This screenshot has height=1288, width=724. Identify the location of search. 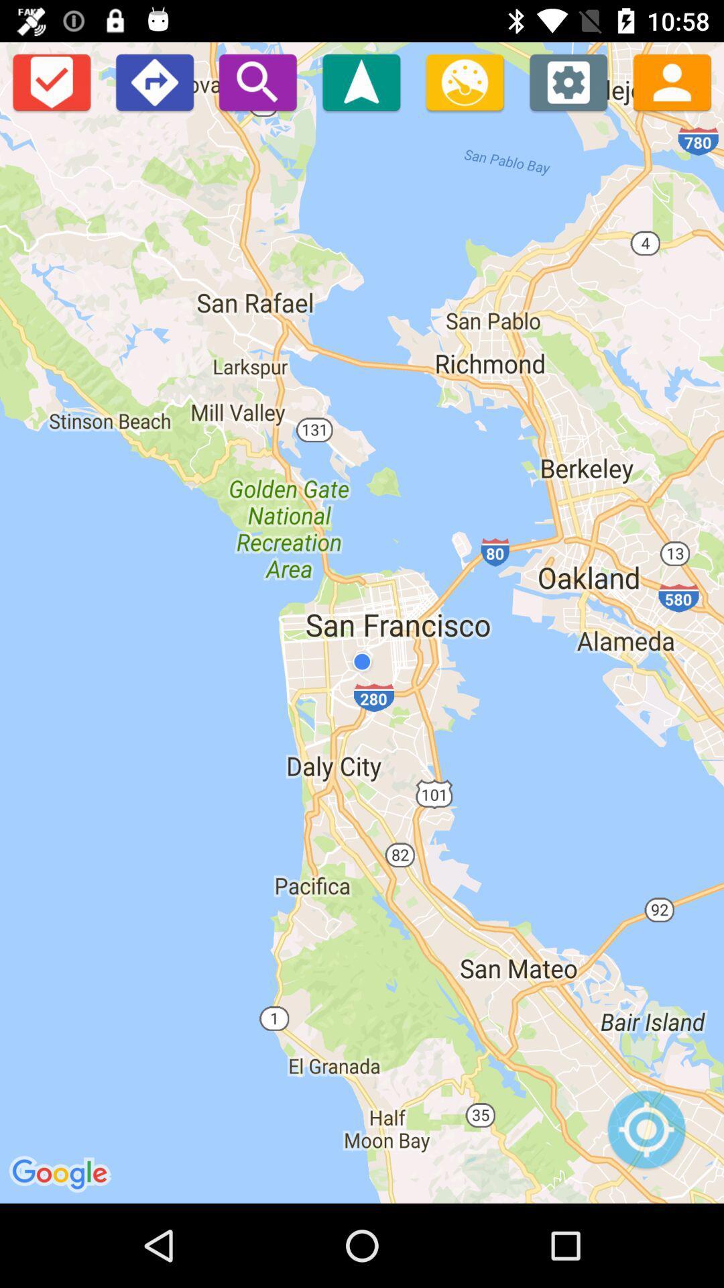
(257, 81).